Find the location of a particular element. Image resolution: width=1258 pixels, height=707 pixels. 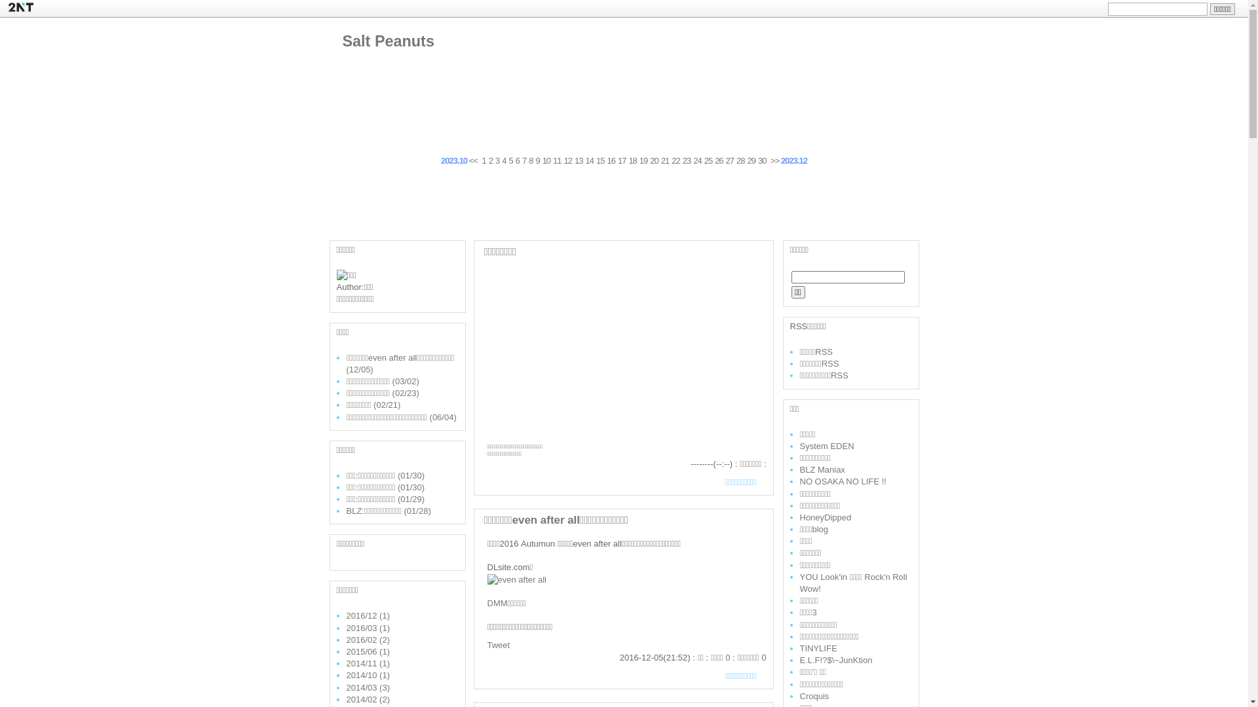

'HoneyDipped' is located at coordinates (824, 517).